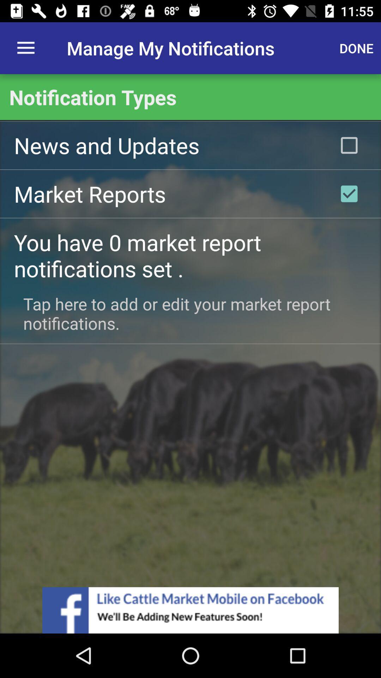 Image resolution: width=381 pixels, height=678 pixels. Describe the element at coordinates (349, 194) in the screenshot. I see `write` at that location.